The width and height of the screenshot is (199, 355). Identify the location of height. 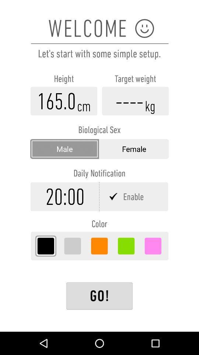
(64, 101).